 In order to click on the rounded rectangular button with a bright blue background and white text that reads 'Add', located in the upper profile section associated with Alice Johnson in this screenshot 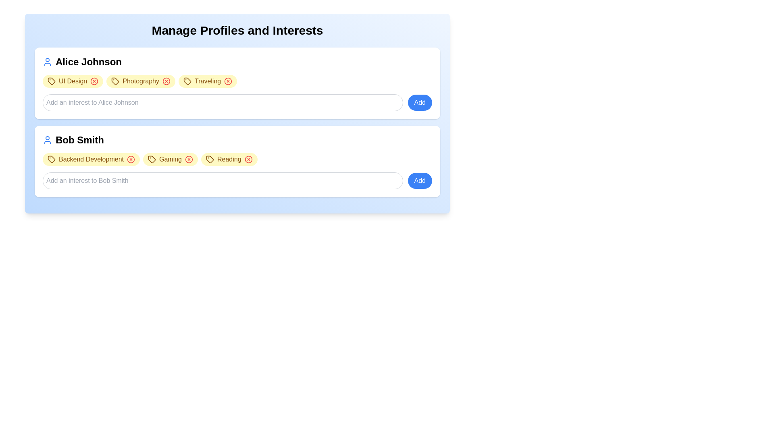, I will do `click(419, 102)`.